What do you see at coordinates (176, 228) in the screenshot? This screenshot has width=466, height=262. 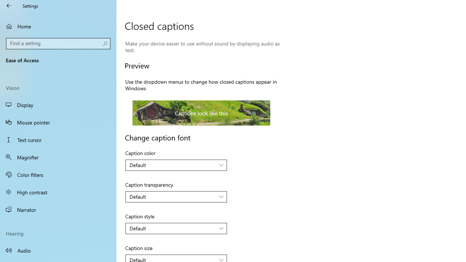 I see `'Caption style'` at bounding box center [176, 228].